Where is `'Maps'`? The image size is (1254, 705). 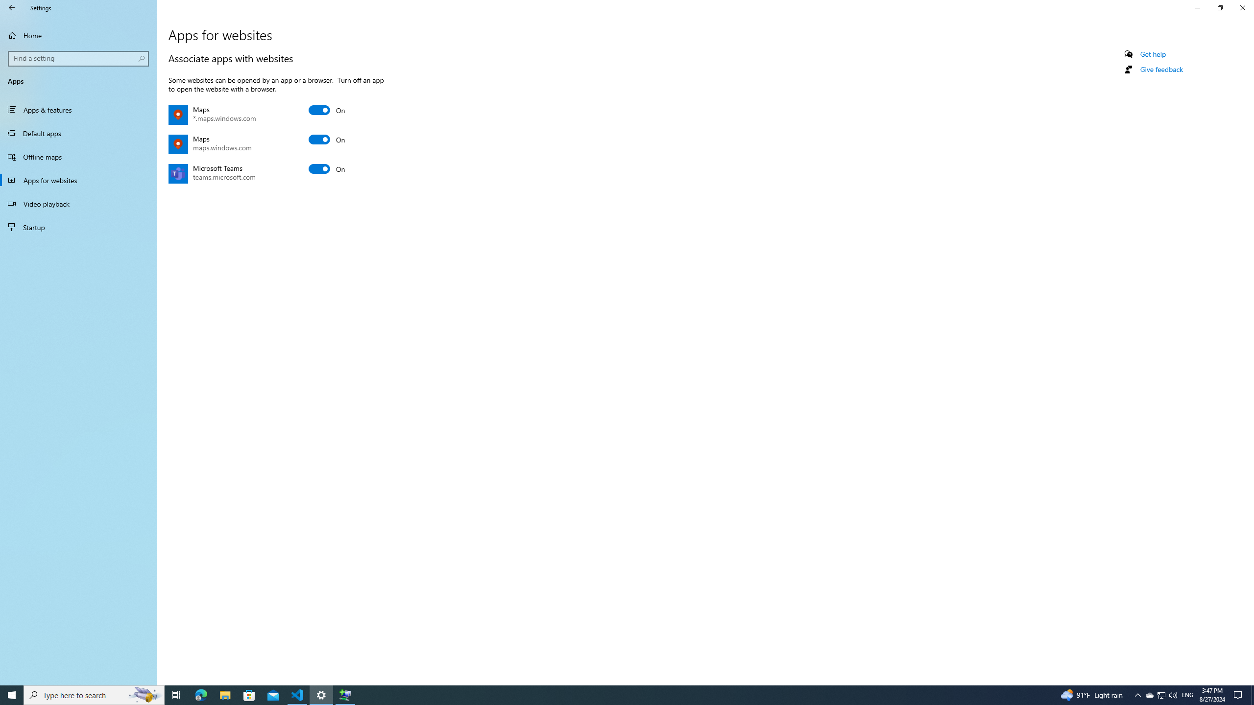 'Maps' is located at coordinates (327, 139).